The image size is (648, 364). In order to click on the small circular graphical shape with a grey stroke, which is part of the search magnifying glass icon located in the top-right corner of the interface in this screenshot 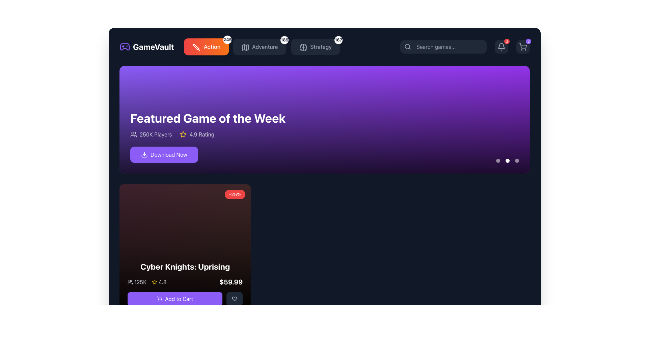, I will do `click(407, 46)`.